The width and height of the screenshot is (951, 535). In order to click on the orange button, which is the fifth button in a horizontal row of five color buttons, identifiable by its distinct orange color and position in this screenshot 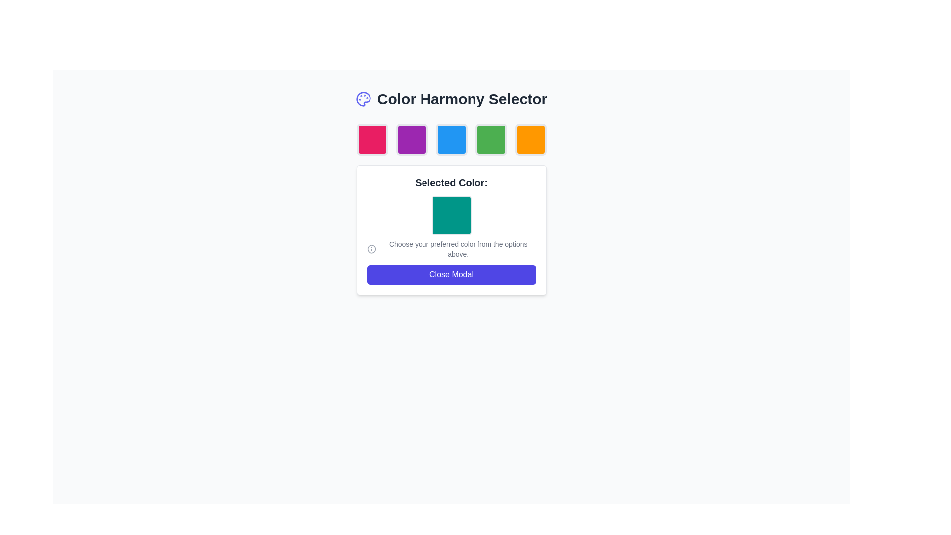, I will do `click(530, 139)`.